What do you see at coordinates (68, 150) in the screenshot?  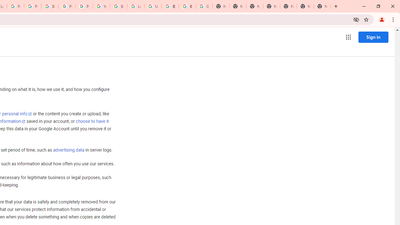 I see `'advertising data'` at bounding box center [68, 150].